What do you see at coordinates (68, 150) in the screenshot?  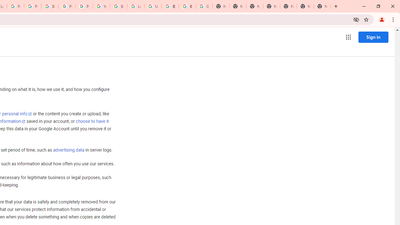 I see `'advertising data'` at bounding box center [68, 150].